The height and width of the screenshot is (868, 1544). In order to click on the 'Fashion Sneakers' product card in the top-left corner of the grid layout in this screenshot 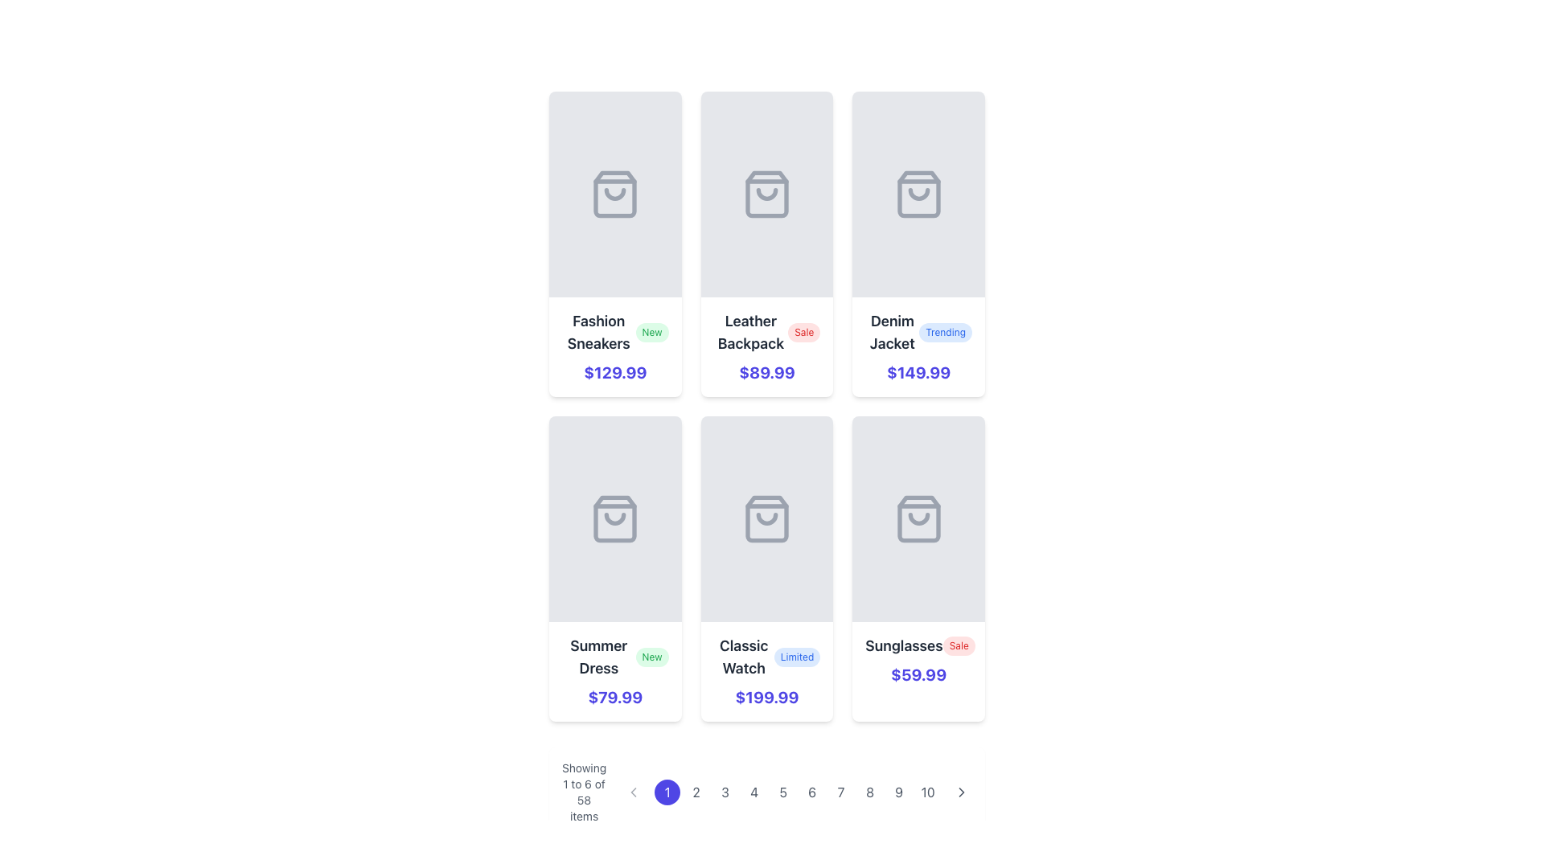, I will do `click(614, 244)`.